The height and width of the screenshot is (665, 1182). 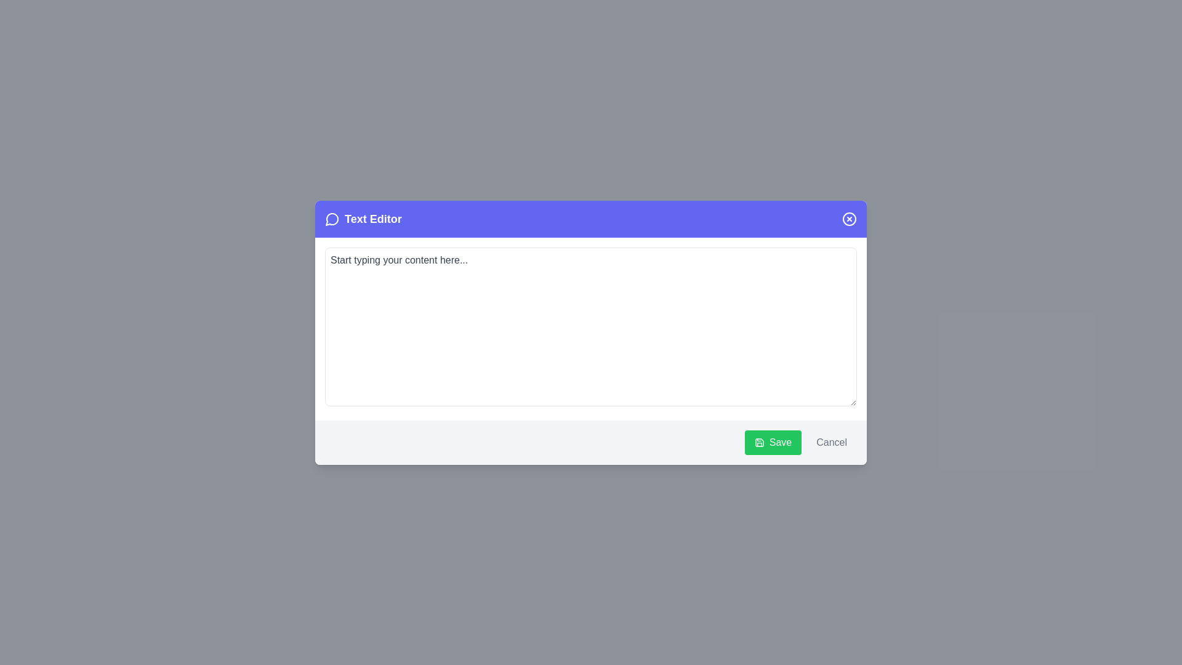 What do you see at coordinates (591, 326) in the screenshot?
I see `the text area to focus and enable editing` at bounding box center [591, 326].